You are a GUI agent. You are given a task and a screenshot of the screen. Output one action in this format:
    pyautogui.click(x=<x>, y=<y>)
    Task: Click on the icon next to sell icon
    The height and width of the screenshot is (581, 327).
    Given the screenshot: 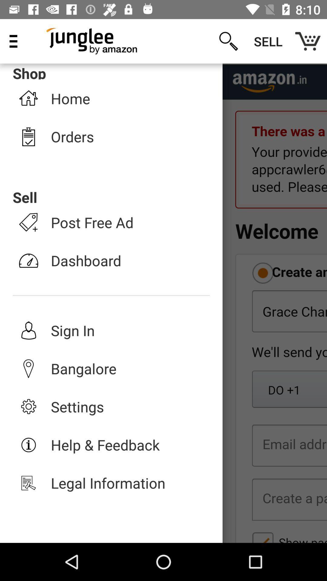 What is the action you would take?
    pyautogui.click(x=308, y=41)
    